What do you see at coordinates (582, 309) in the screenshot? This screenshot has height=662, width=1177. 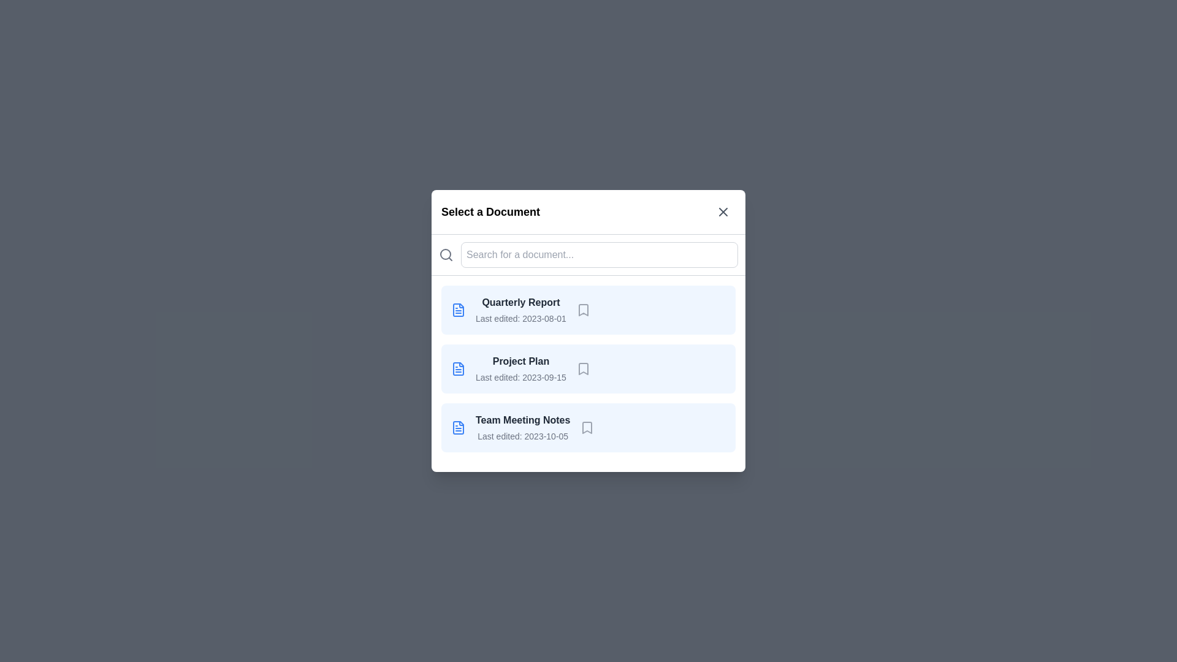 I see `the bookmark icon for the document titled 'Quarterly Report'` at bounding box center [582, 309].